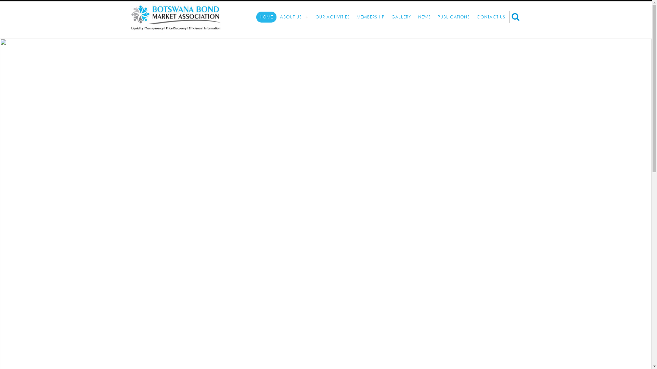 Image resolution: width=657 pixels, height=369 pixels. Describe the element at coordinates (453, 17) in the screenshot. I see `'PUBLICATIONS'` at that location.